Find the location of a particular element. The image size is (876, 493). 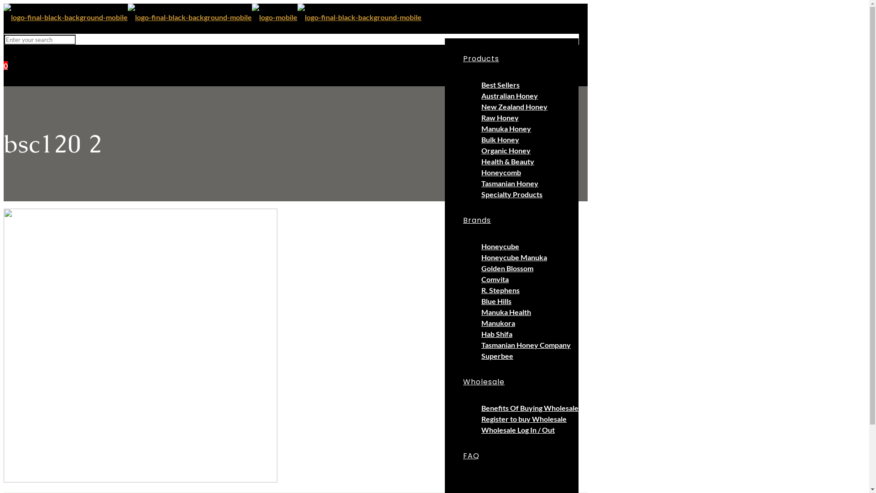

'Manuka Honey' is located at coordinates (506, 128).